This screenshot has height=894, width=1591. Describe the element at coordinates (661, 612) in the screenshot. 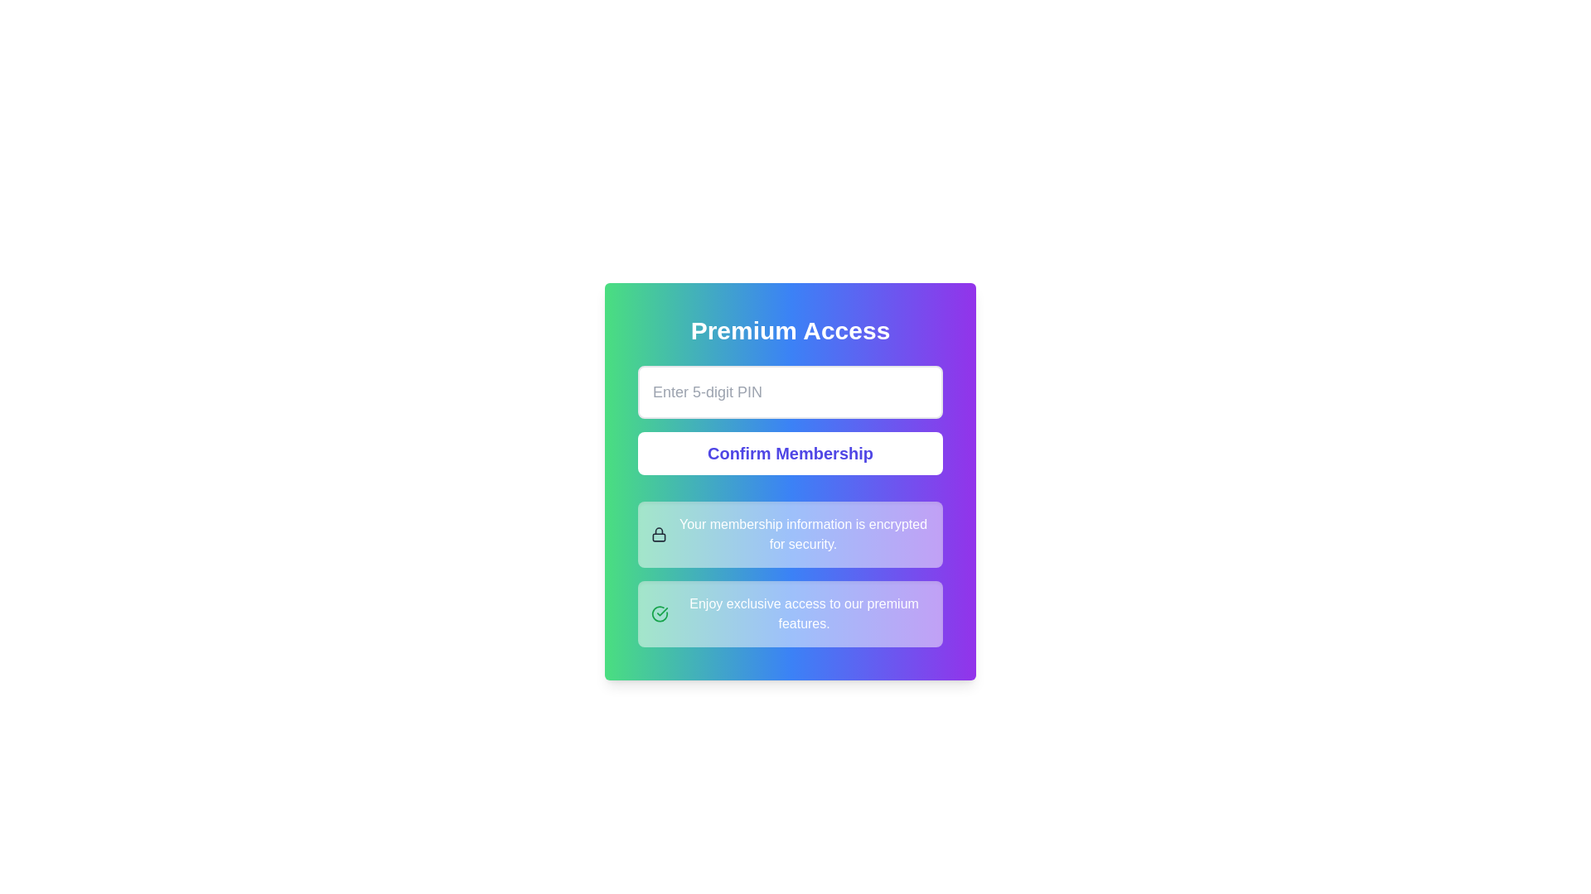

I see `the green checkmark icon within the circular outline located in the bottom-right corner of the context card, indicating confirmation or success for exclusive premium access` at that location.